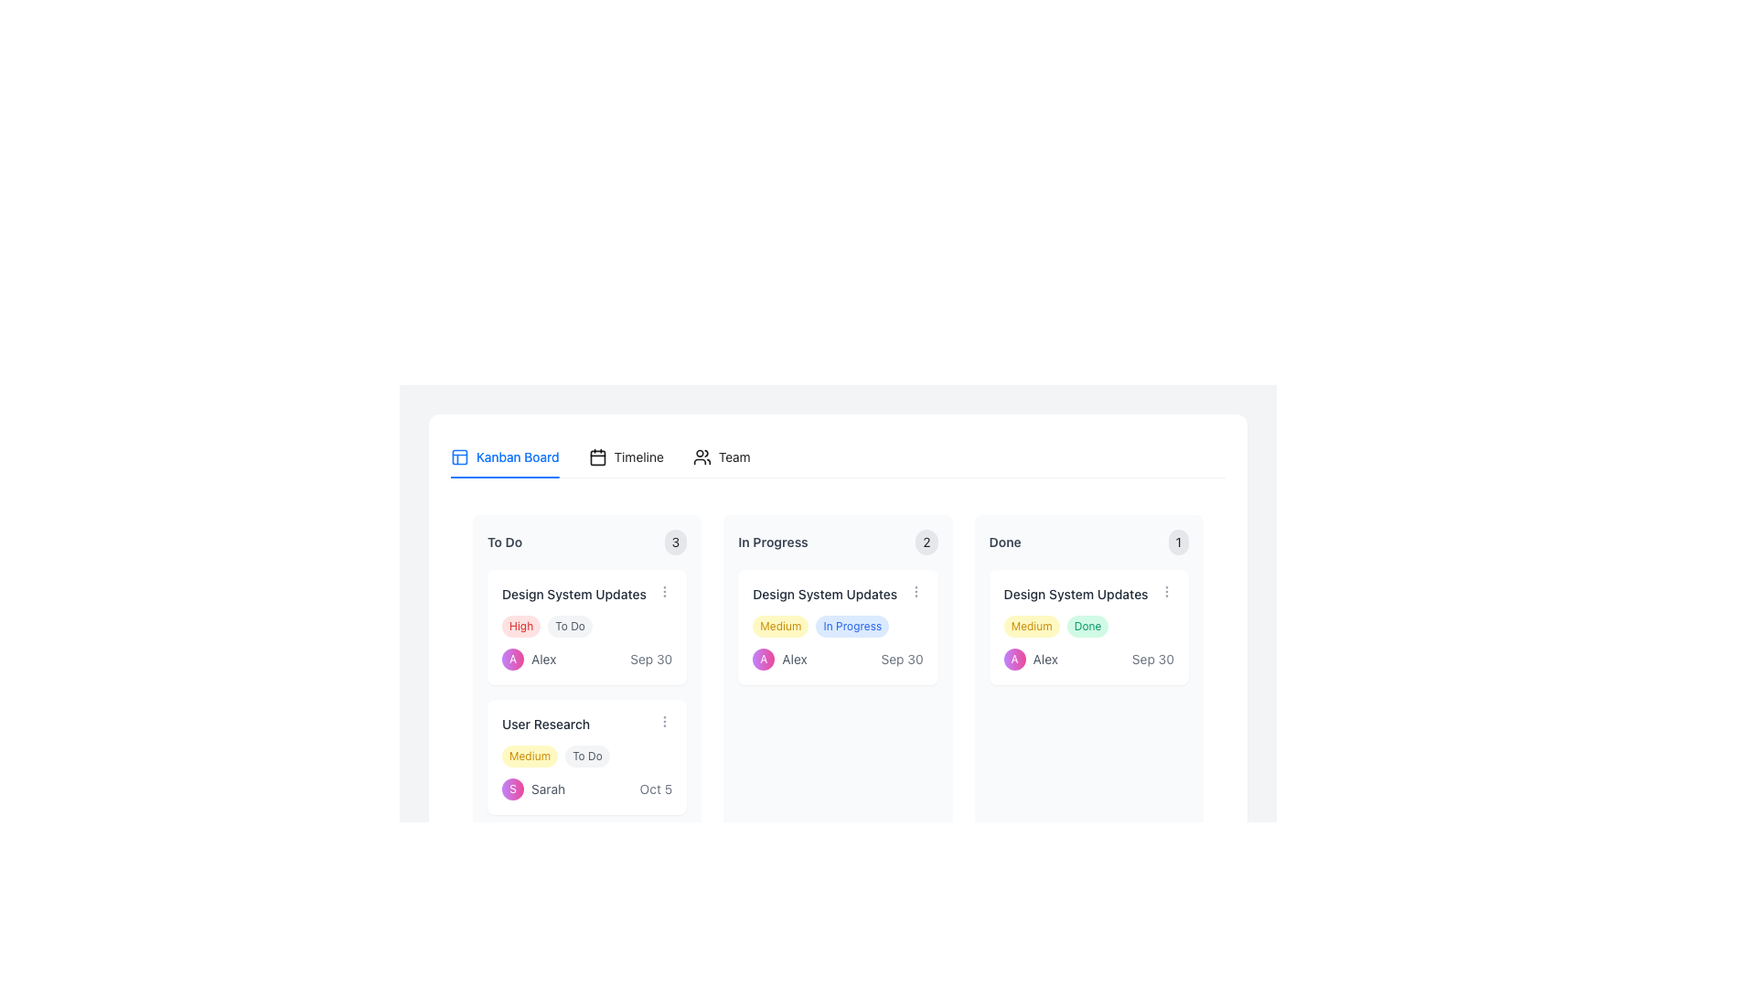  What do you see at coordinates (626, 456) in the screenshot?
I see `the second tab in the horizontal tab list, which serves to navigate to the 'Timeline' section of the application` at bounding box center [626, 456].